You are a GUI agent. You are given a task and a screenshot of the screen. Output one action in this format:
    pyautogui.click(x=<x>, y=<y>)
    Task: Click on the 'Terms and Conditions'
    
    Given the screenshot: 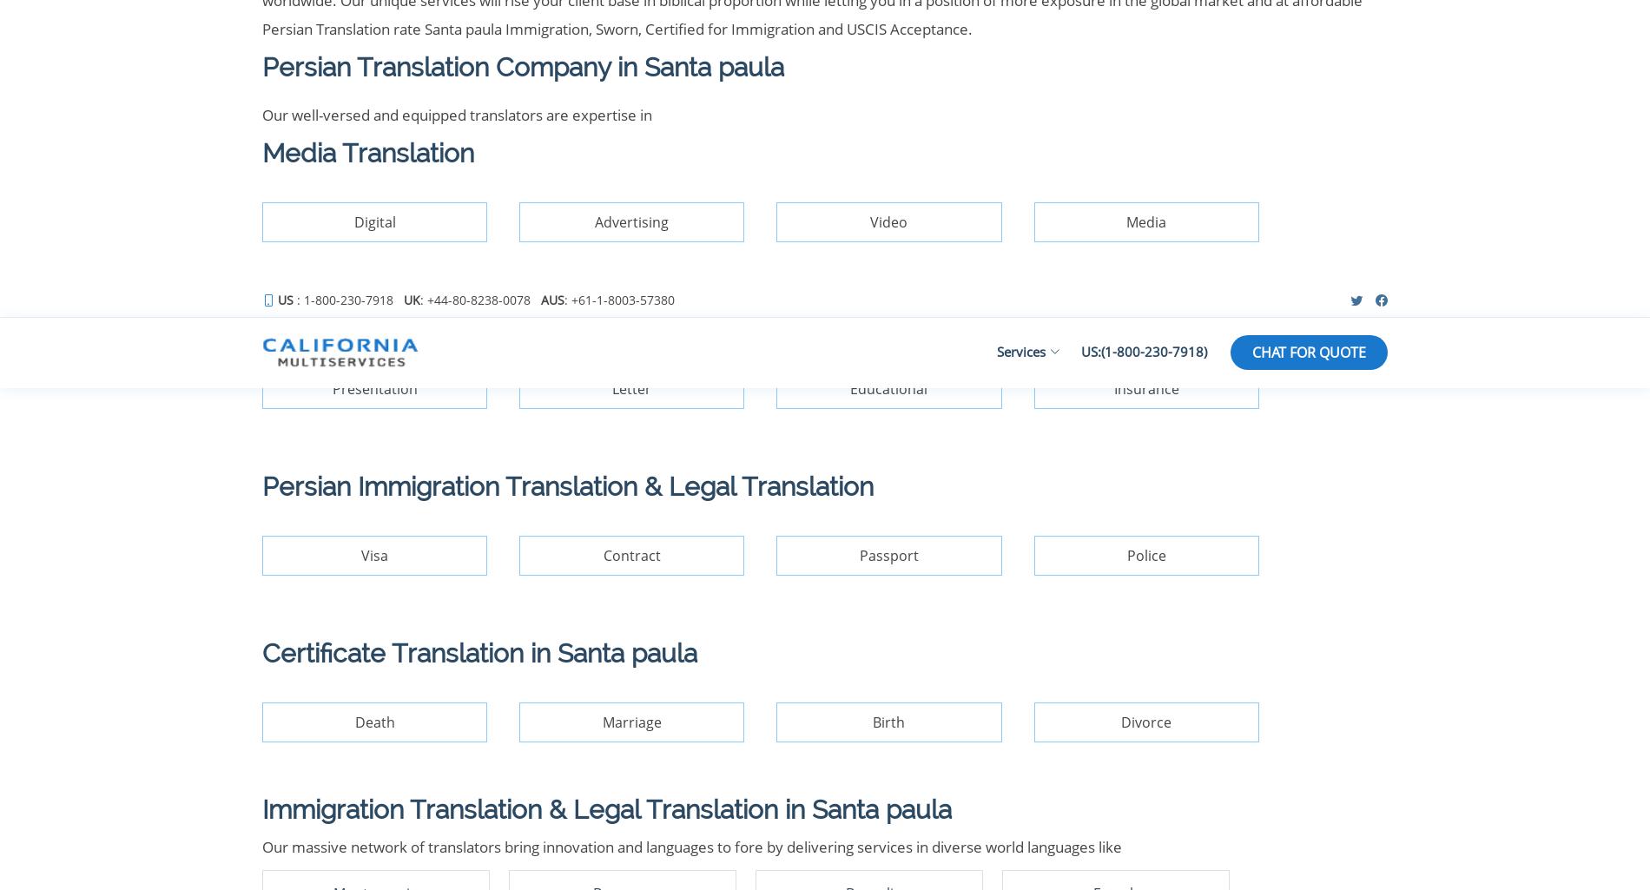 What is the action you would take?
    pyautogui.click(x=534, y=340)
    